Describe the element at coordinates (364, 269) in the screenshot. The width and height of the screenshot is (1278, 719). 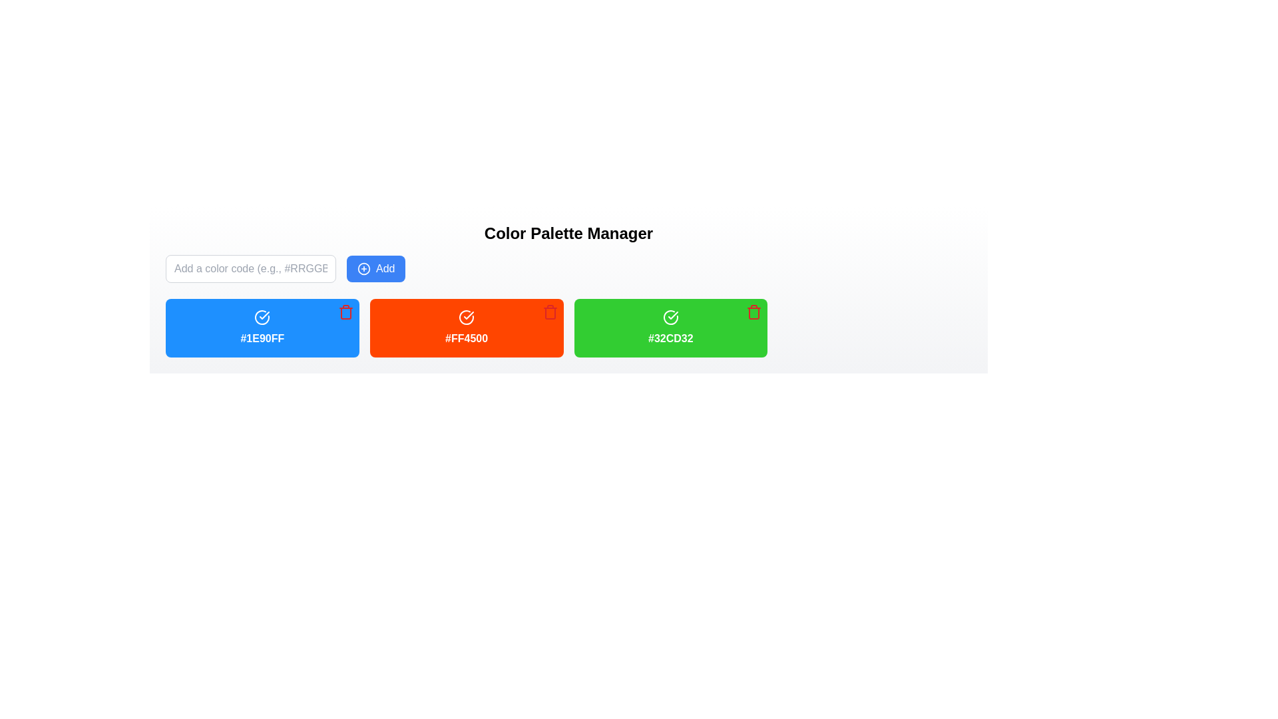
I see `the circular icon with a '+' symbol in the center, which has a blue background and white outline, located to the left of the 'Add' text label in the button` at that location.